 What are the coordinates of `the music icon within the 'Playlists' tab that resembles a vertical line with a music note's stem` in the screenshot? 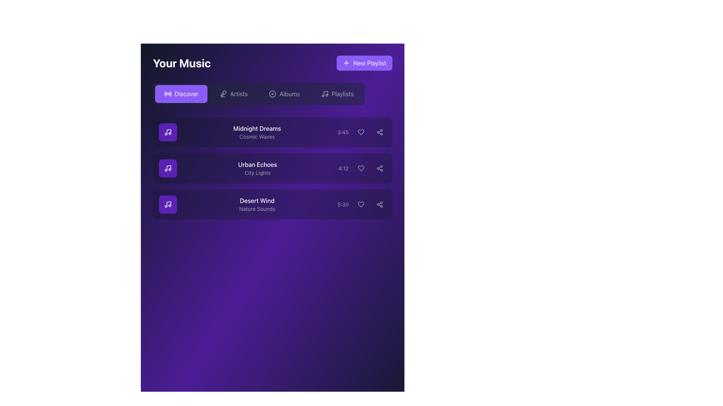 It's located at (325, 93).